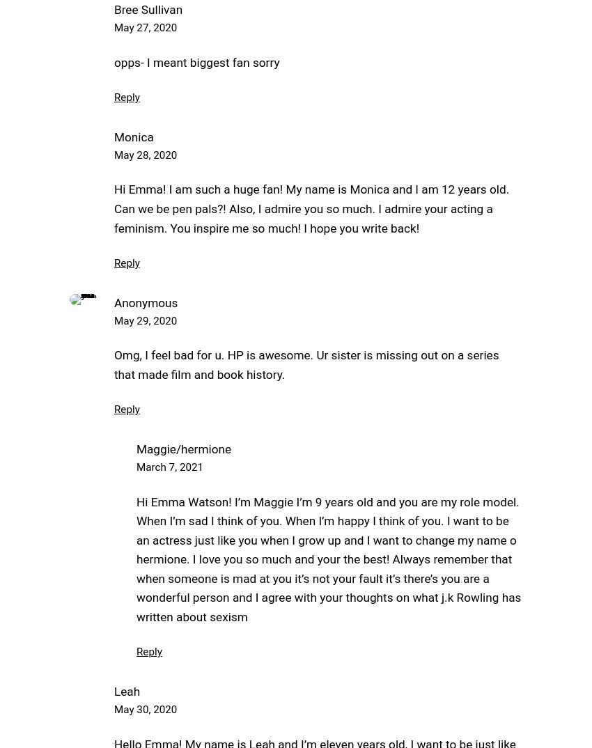 The height and width of the screenshot is (748, 592). I want to click on 'May 28, 2020', so click(114, 154).